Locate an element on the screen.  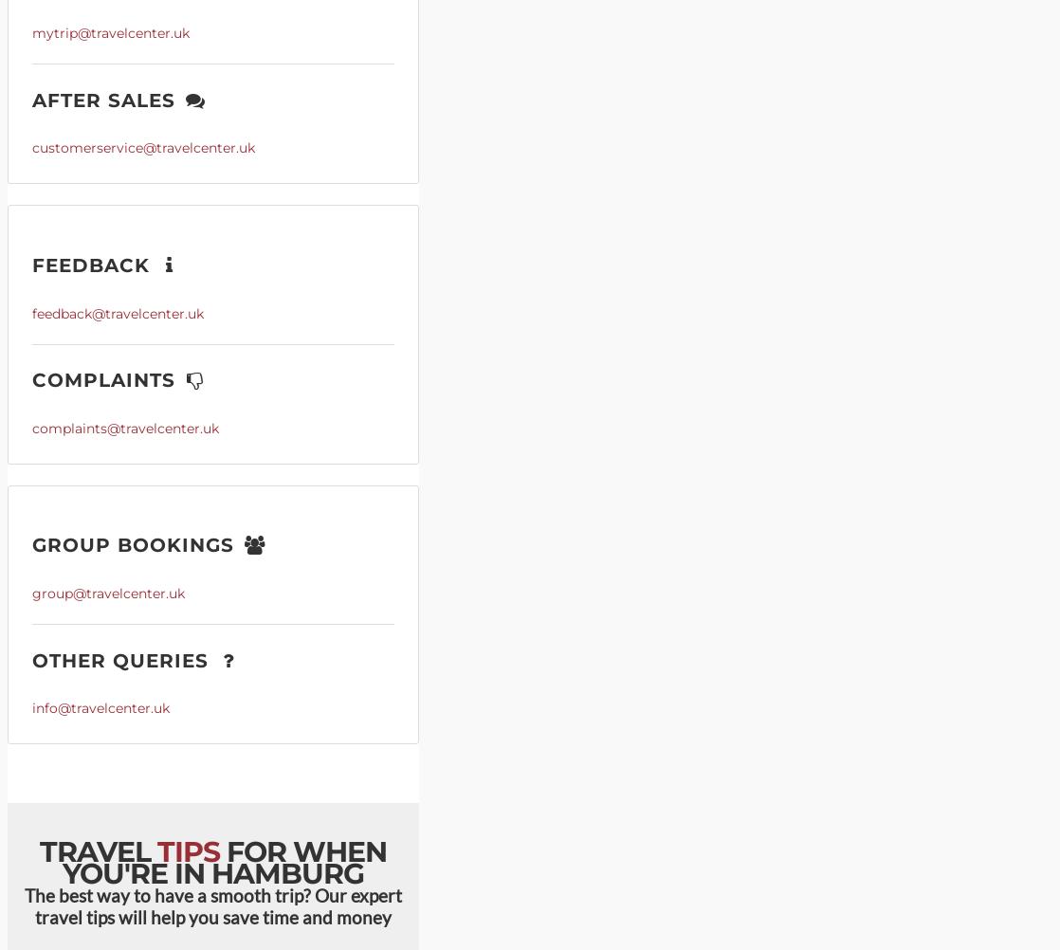
'info@travelcenter.uk' is located at coordinates (101, 707).